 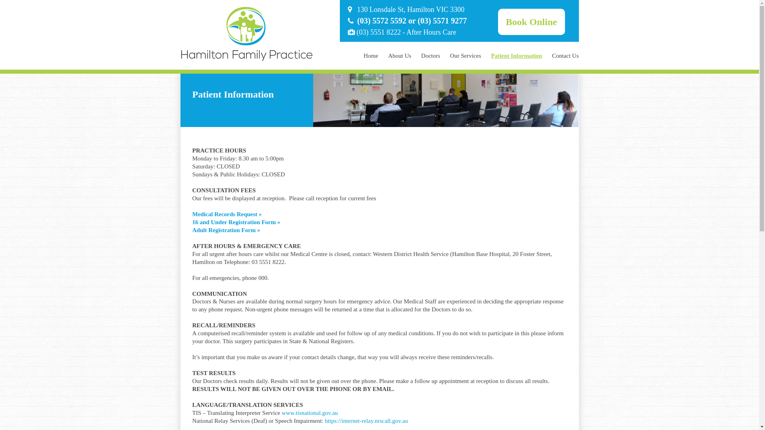 What do you see at coordinates (565, 55) in the screenshot?
I see `'Contact Us'` at bounding box center [565, 55].